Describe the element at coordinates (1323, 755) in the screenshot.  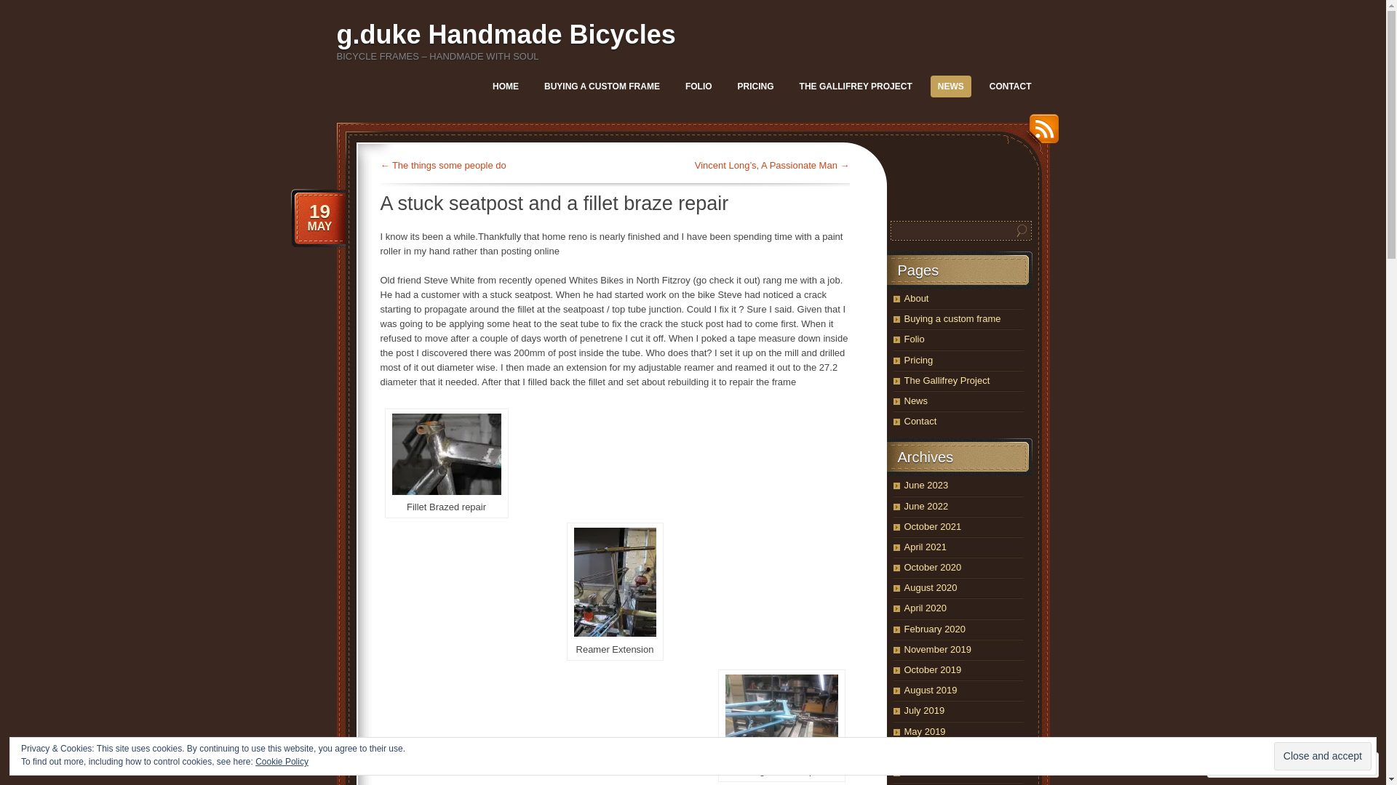
I see `'Close and accept'` at that location.